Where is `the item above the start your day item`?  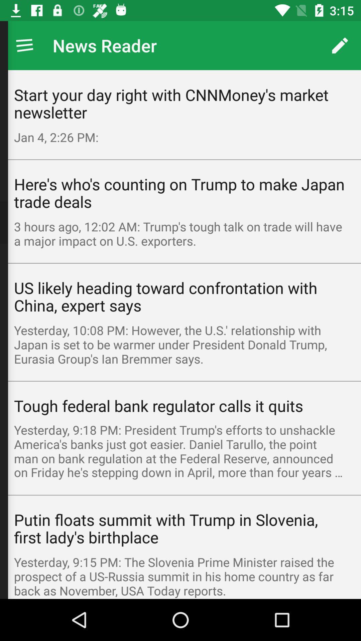 the item above the start your day item is located at coordinates (24, 45).